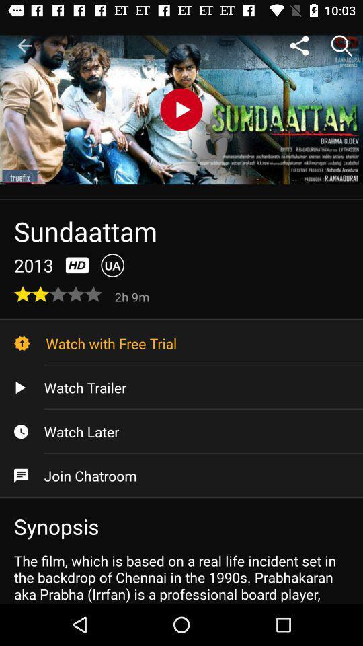  I want to click on the join chatroom icon, so click(182, 476).